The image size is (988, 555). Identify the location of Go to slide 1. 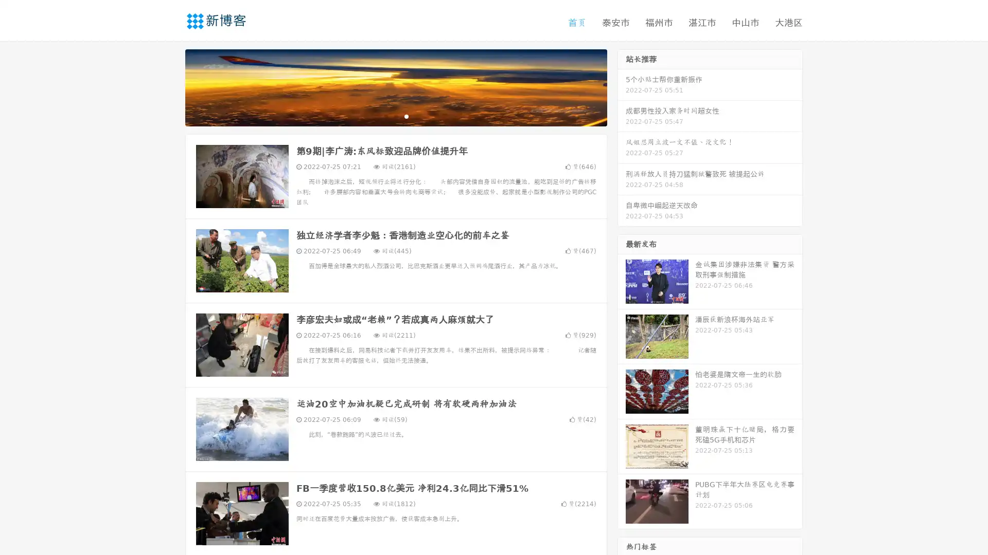
(385, 116).